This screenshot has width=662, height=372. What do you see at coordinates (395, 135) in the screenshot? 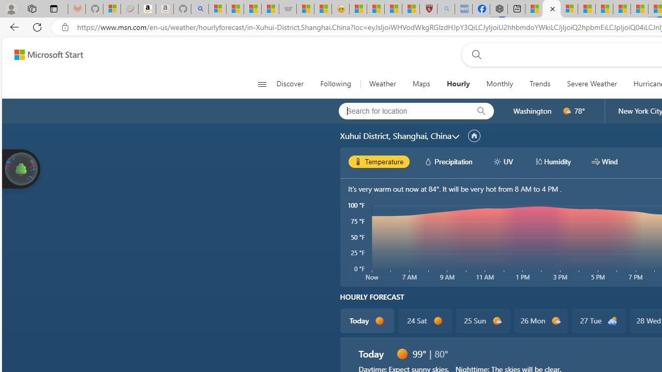
I see `'Xuhui District, Shanghai, China'` at bounding box center [395, 135].